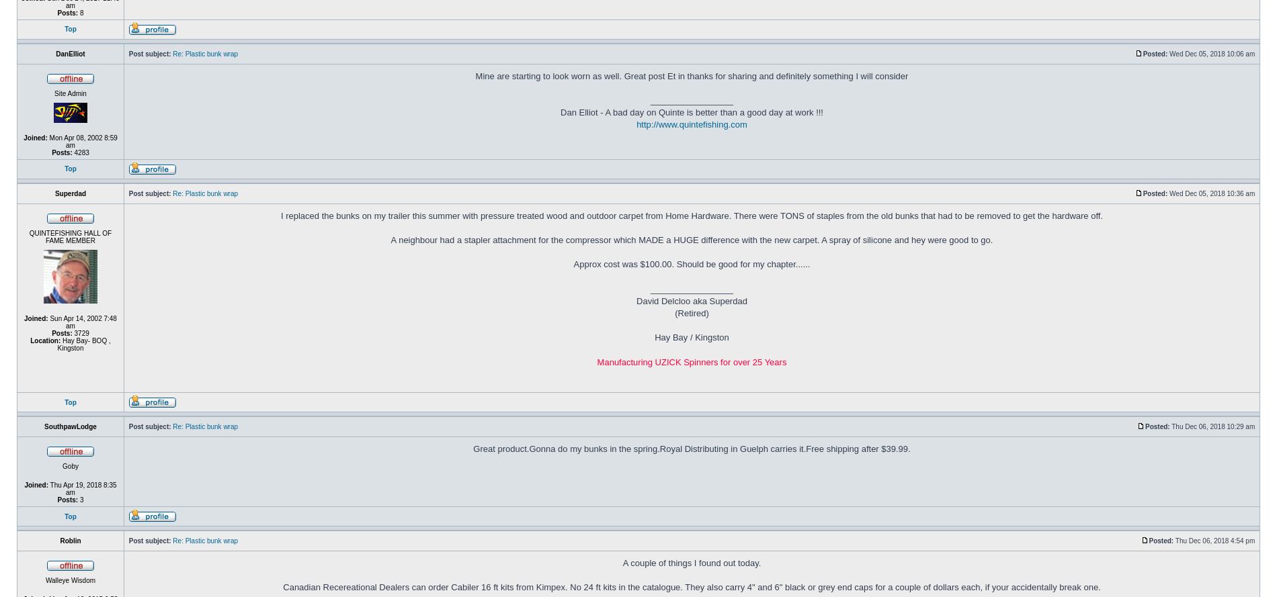 This screenshot has height=597, width=1277. I want to click on 'Site Admin', so click(70, 93).